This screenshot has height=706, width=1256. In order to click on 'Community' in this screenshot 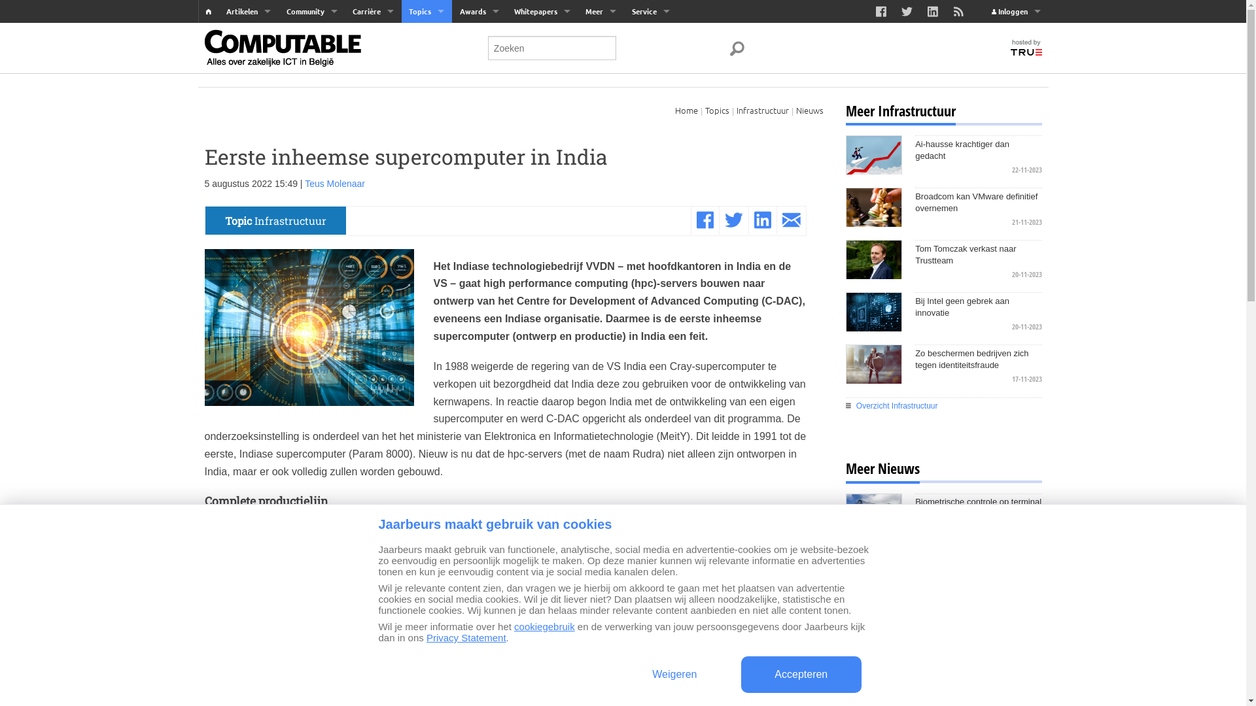, I will do `click(311, 11)`.